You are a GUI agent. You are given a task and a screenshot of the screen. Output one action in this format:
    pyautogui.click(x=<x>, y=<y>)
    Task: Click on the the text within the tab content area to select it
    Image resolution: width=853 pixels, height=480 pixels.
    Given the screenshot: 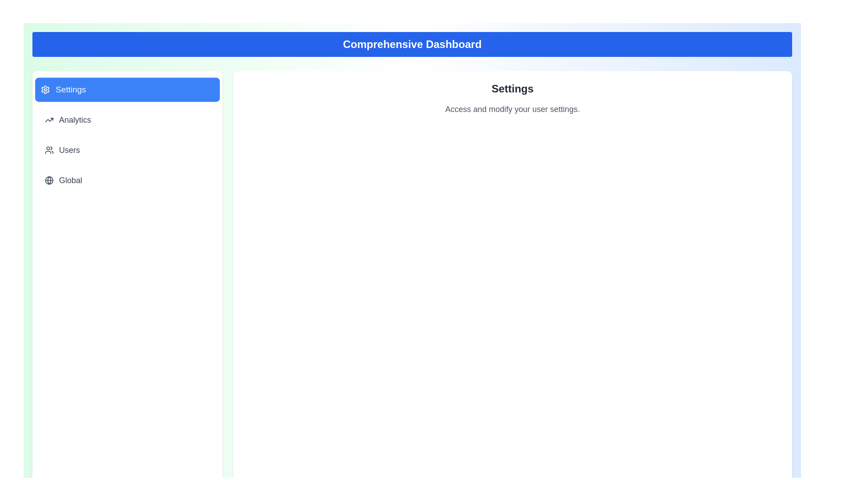 What is the action you would take?
    pyautogui.click(x=512, y=109)
    